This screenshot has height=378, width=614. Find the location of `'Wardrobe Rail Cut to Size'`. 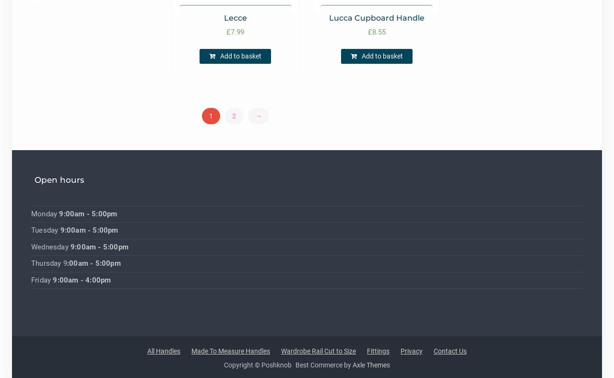

'Wardrobe Rail Cut to Size' is located at coordinates (319, 351).